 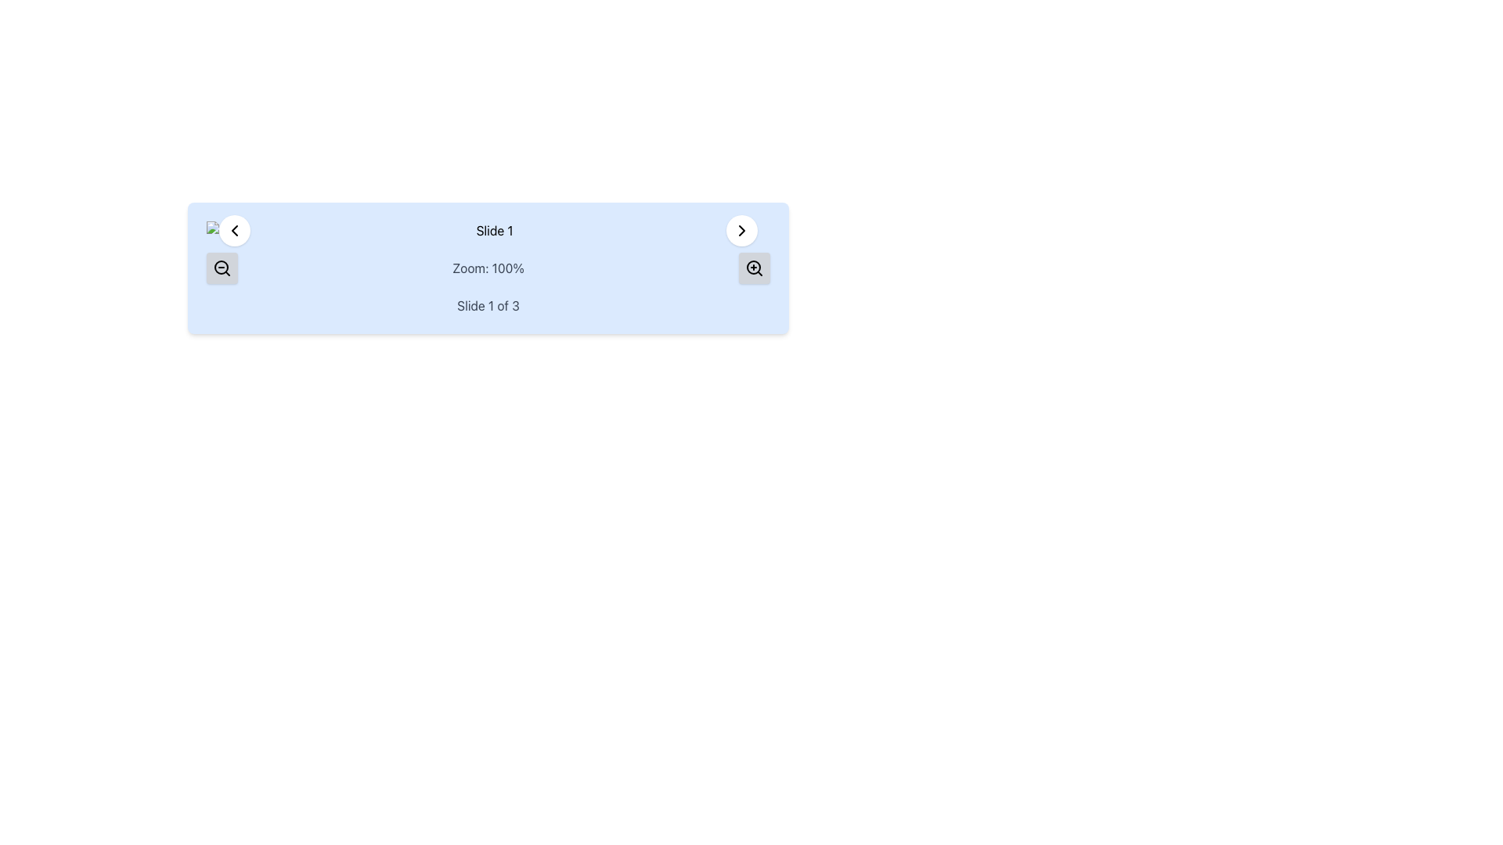 What do you see at coordinates (221, 267) in the screenshot?
I see `the circular feature of the magnifying glass icon located in the bottom-right corner of the interface` at bounding box center [221, 267].